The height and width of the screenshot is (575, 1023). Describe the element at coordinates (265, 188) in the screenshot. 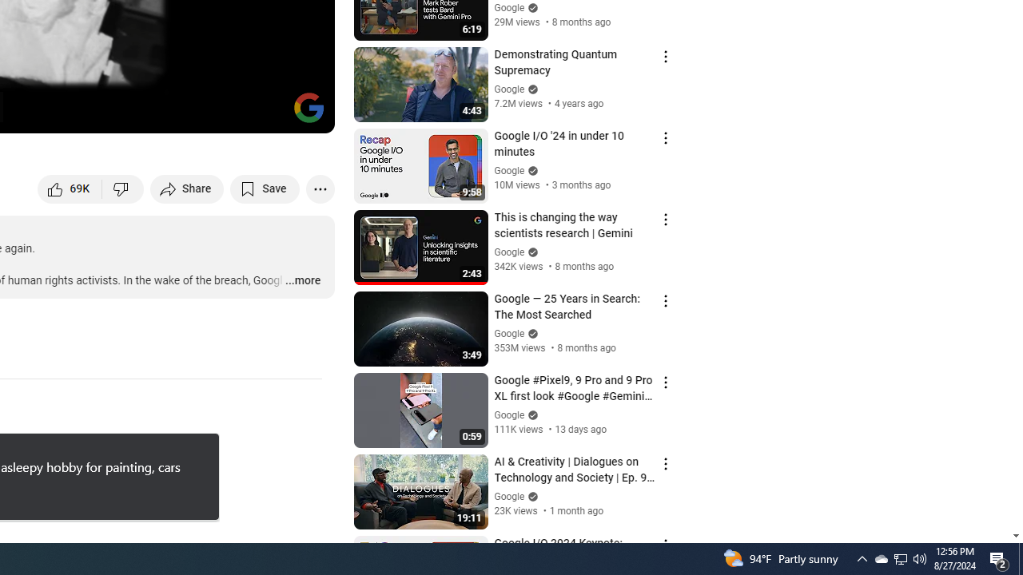

I see `'Save to playlist'` at that location.